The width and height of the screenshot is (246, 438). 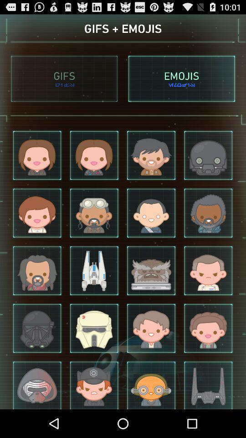 What do you see at coordinates (208, 213) in the screenshot?
I see `the second row fourth image` at bounding box center [208, 213].